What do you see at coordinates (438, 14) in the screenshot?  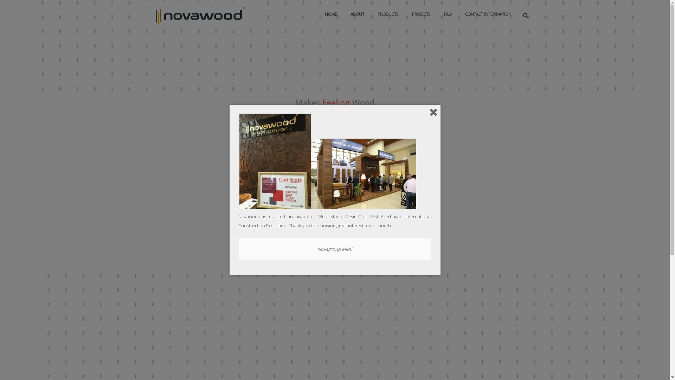 I see `'FAQ'` at bounding box center [438, 14].